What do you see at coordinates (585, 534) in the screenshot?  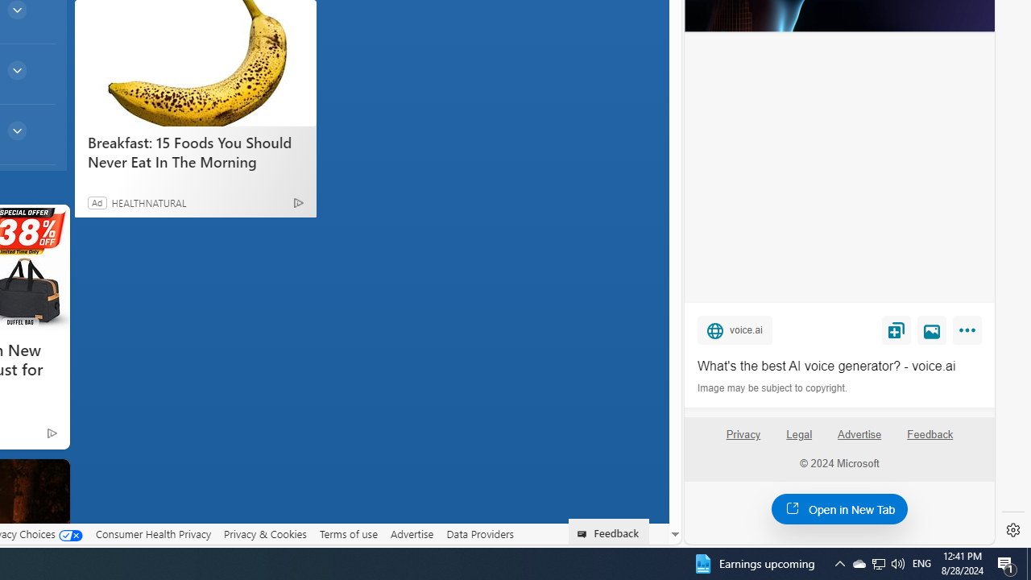 I see `'Class: feedback_link_icon-DS-EntryPoint1-1'` at bounding box center [585, 534].